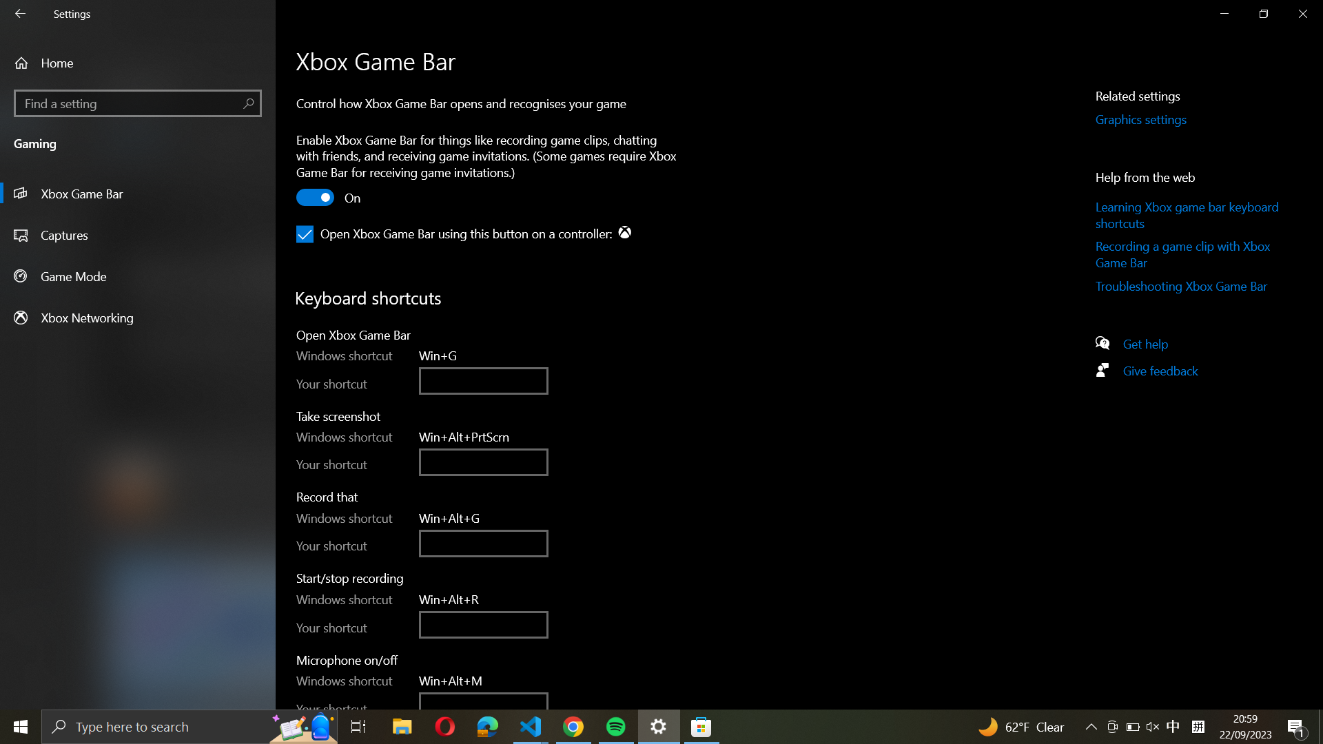  What do you see at coordinates (316, 199) in the screenshot?
I see `the Xbox Game Bar by selecting the toggle` at bounding box center [316, 199].